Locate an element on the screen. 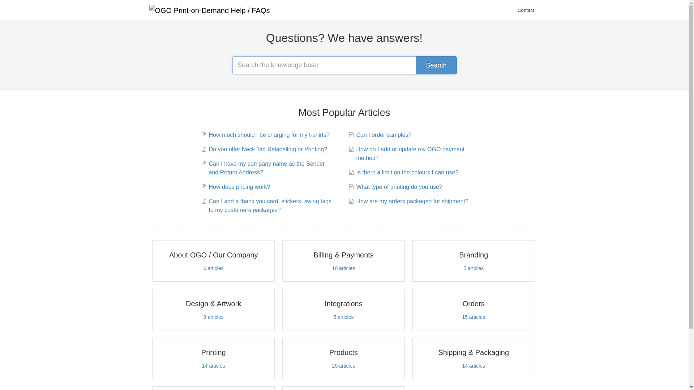 This screenshot has height=390, width=694. 'How does pricing work?' is located at coordinates (238, 186).